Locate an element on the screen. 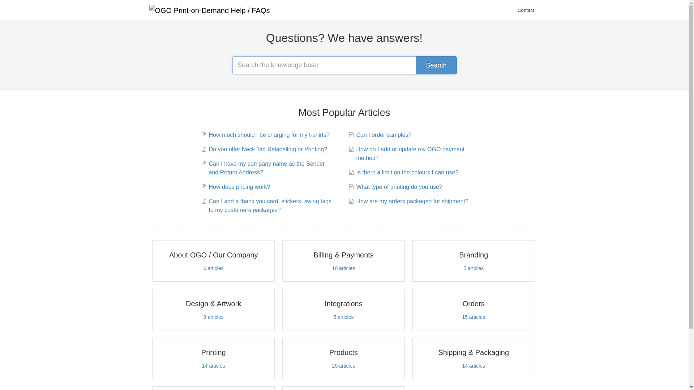 This screenshot has height=390, width=694. 'How does pricing work?' is located at coordinates (238, 186).